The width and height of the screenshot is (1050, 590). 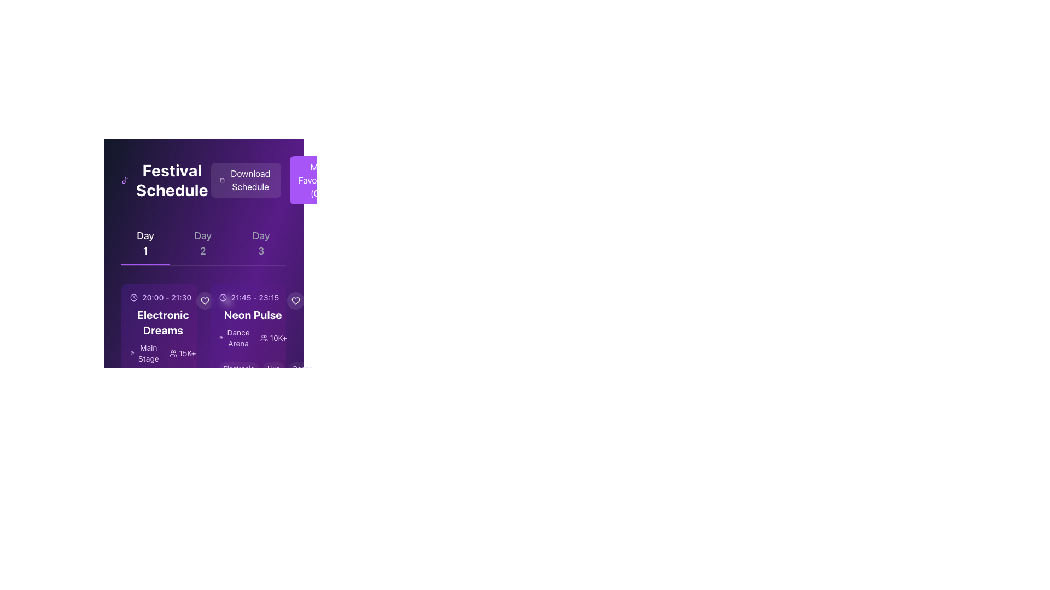 I want to click on the 'Dance Arena' text label, which is styled with a purple color scheme and is the first text component in the 'Neon Pulse' section of event scheduling, so click(x=235, y=337).